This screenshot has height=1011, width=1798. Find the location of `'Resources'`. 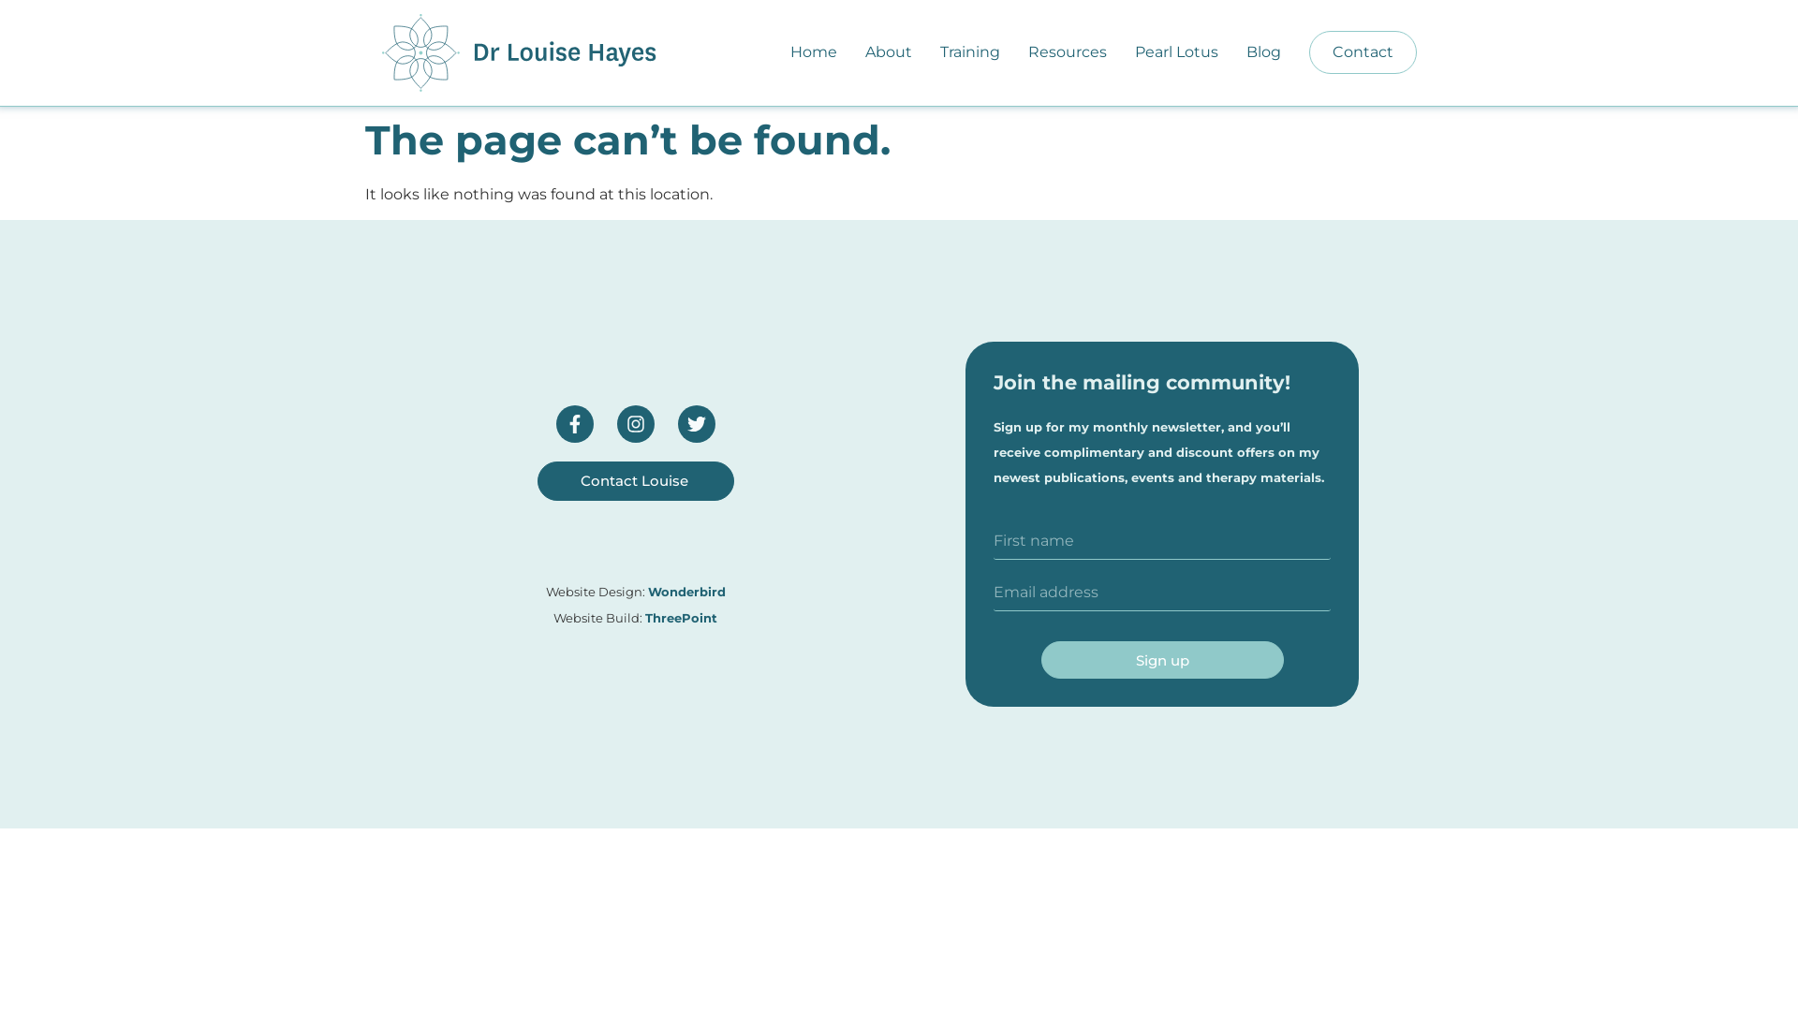

'Resources' is located at coordinates (1027, 51).